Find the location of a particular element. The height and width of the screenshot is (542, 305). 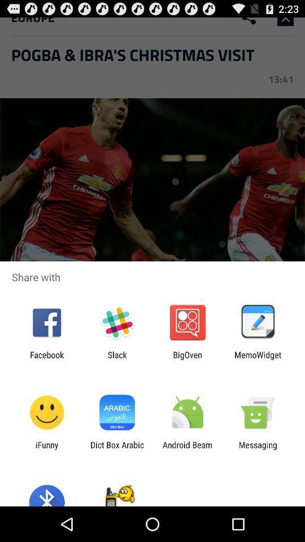

facebook app is located at coordinates (46, 359).